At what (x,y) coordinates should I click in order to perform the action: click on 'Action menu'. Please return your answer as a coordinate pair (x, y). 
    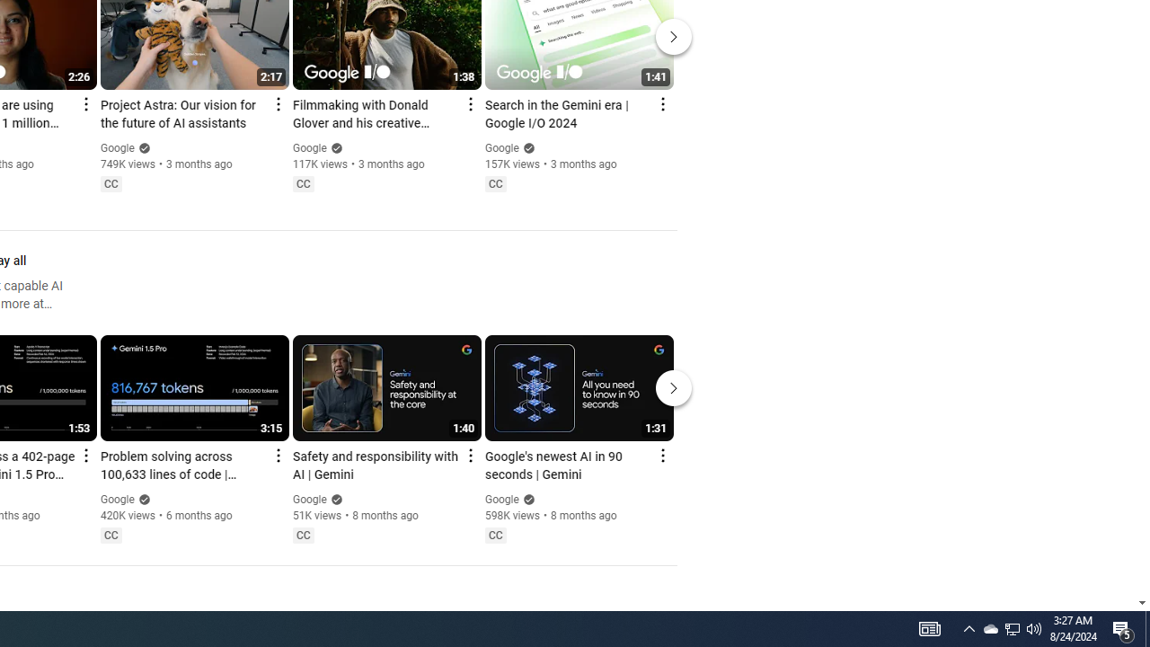
    Looking at the image, I should click on (661, 454).